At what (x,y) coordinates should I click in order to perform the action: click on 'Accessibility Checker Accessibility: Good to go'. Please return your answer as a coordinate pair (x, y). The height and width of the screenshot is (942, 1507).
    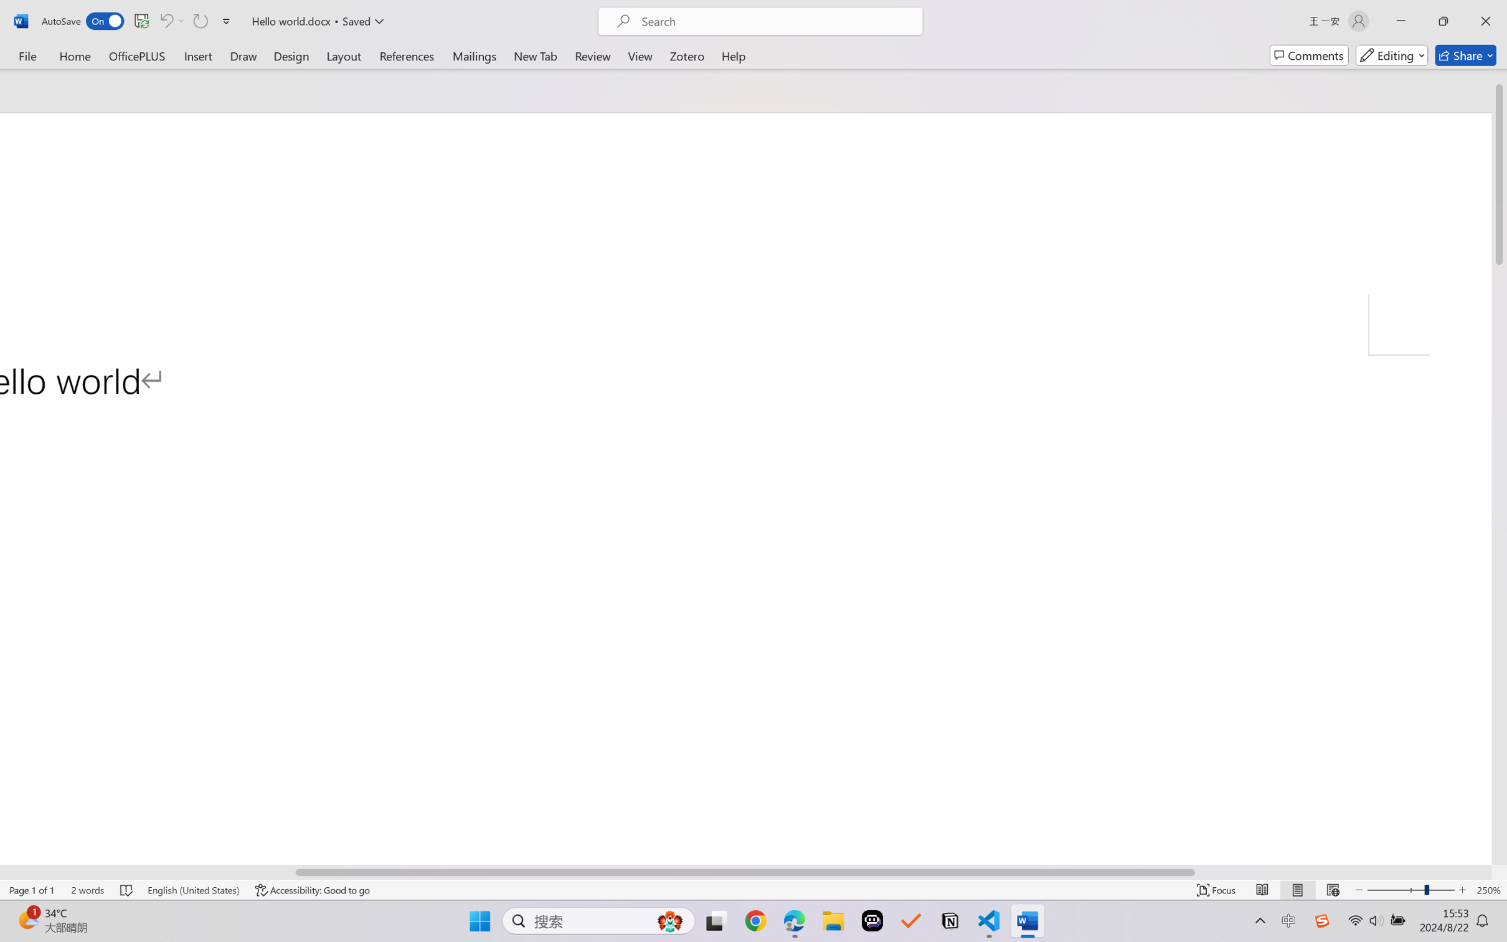
    Looking at the image, I should click on (312, 890).